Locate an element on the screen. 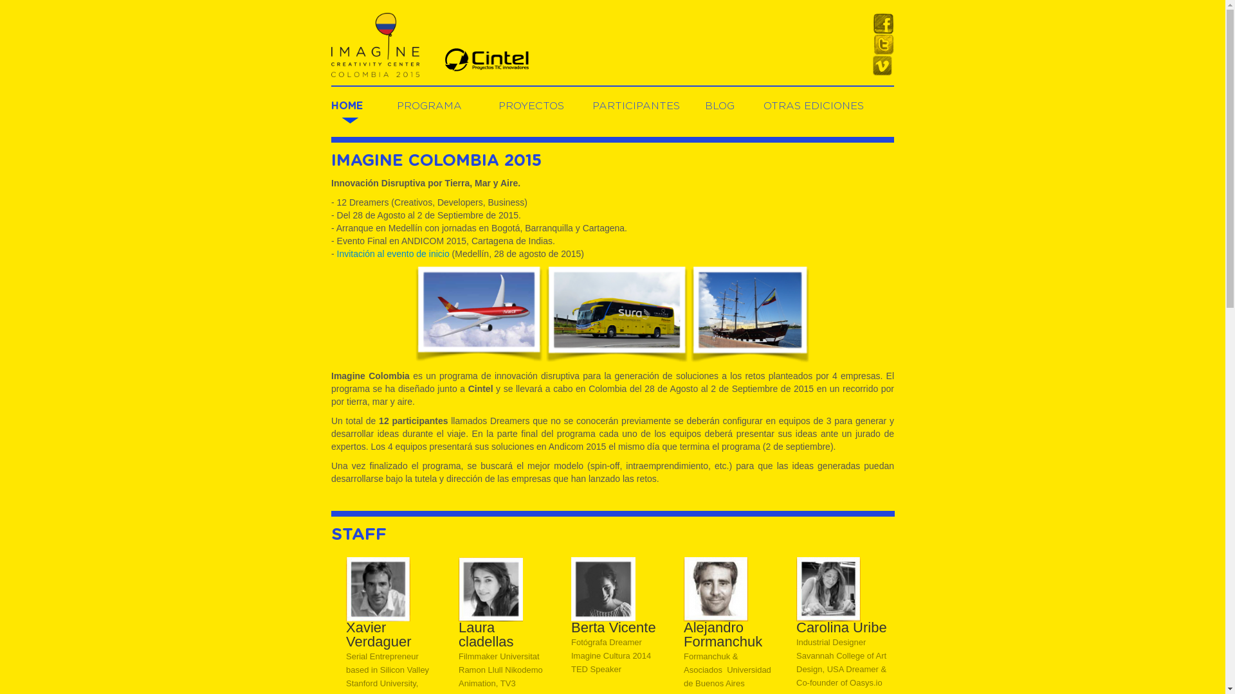 This screenshot has width=1235, height=694. 'PROGRAMA' is located at coordinates (428, 105).